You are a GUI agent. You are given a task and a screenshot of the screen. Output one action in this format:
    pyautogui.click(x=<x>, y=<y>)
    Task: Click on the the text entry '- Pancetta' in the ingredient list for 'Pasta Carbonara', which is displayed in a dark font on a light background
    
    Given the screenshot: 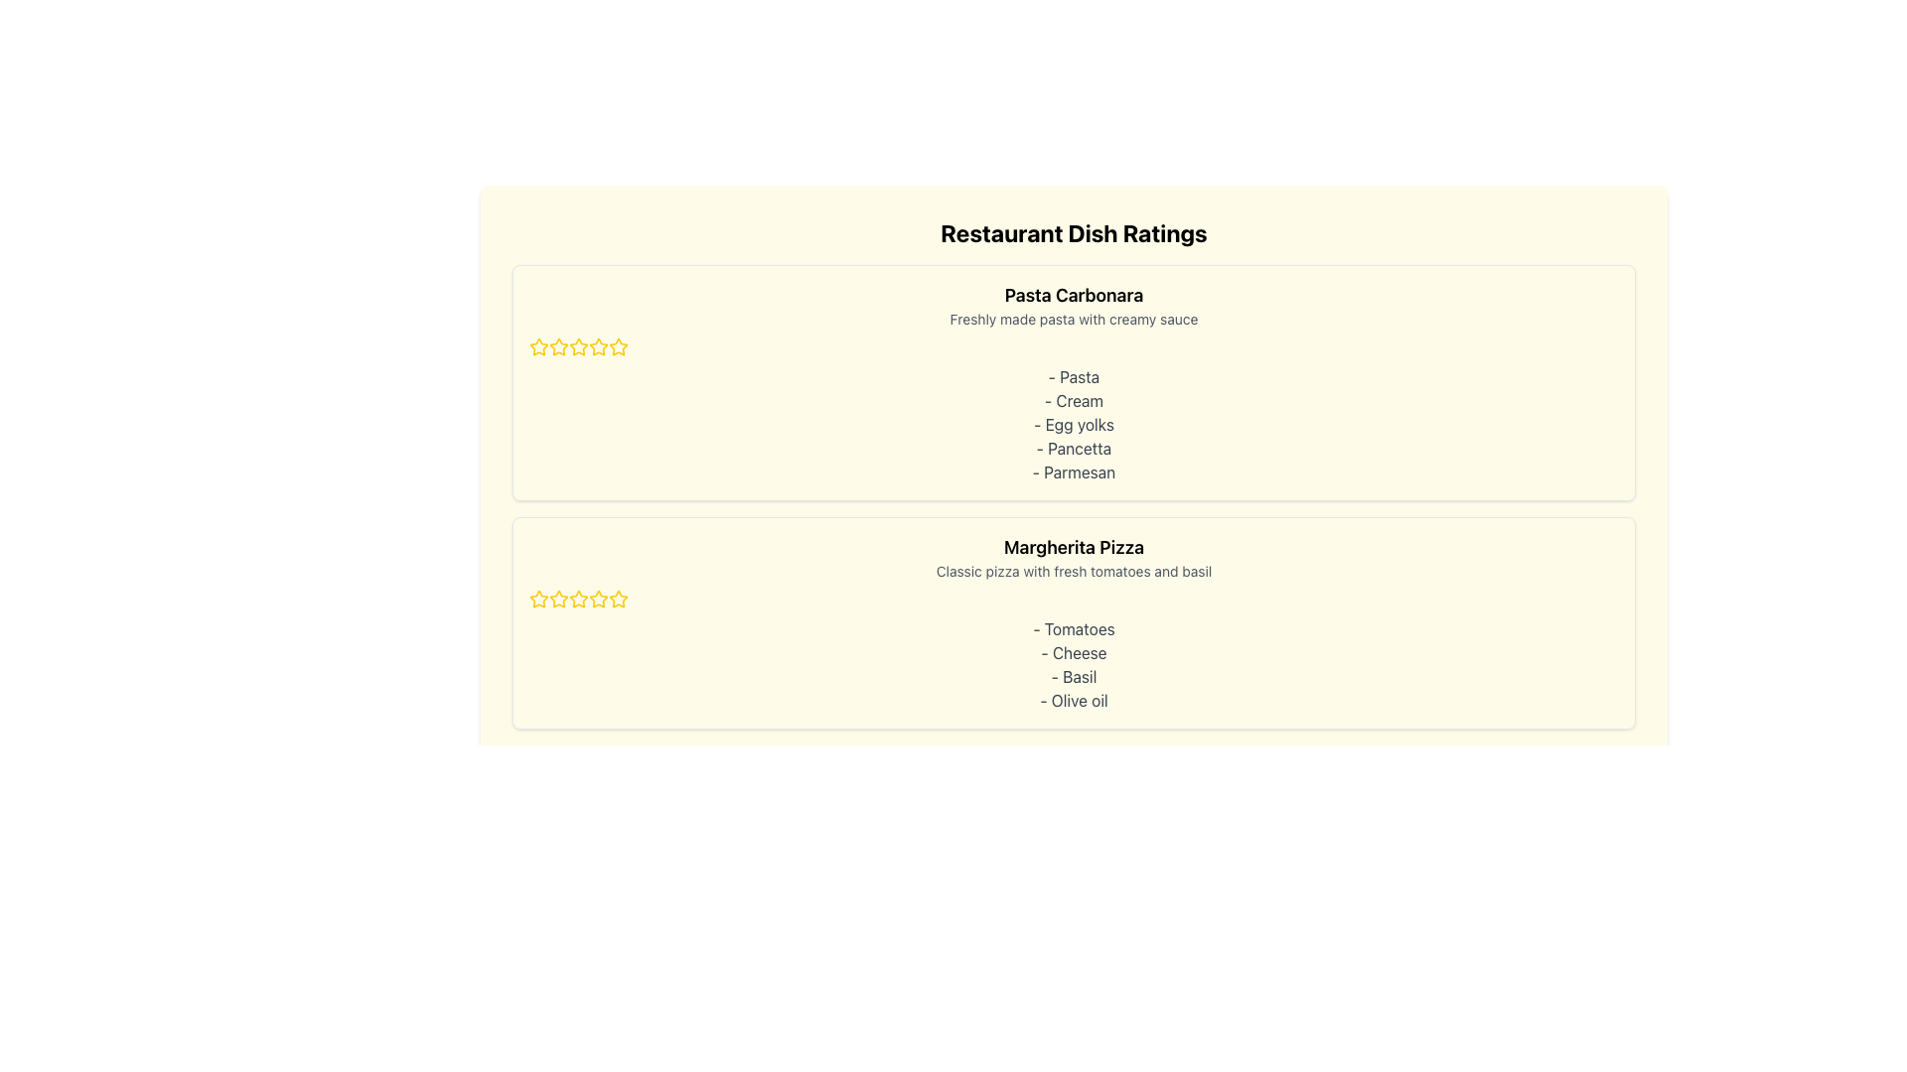 What is the action you would take?
    pyautogui.click(x=1073, y=448)
    